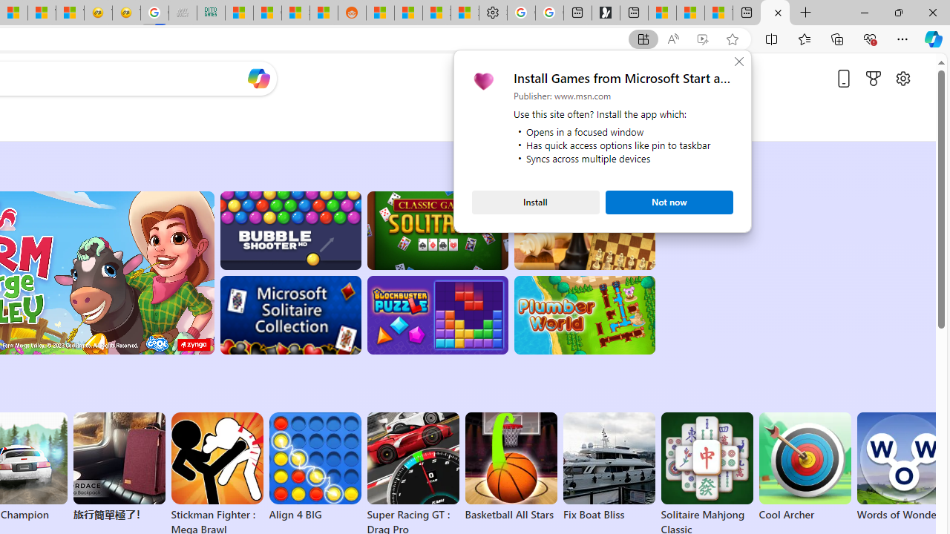 This screenshot has height=534, width=950. I want to click on 'Align 4 BIG', so click(314, 467).